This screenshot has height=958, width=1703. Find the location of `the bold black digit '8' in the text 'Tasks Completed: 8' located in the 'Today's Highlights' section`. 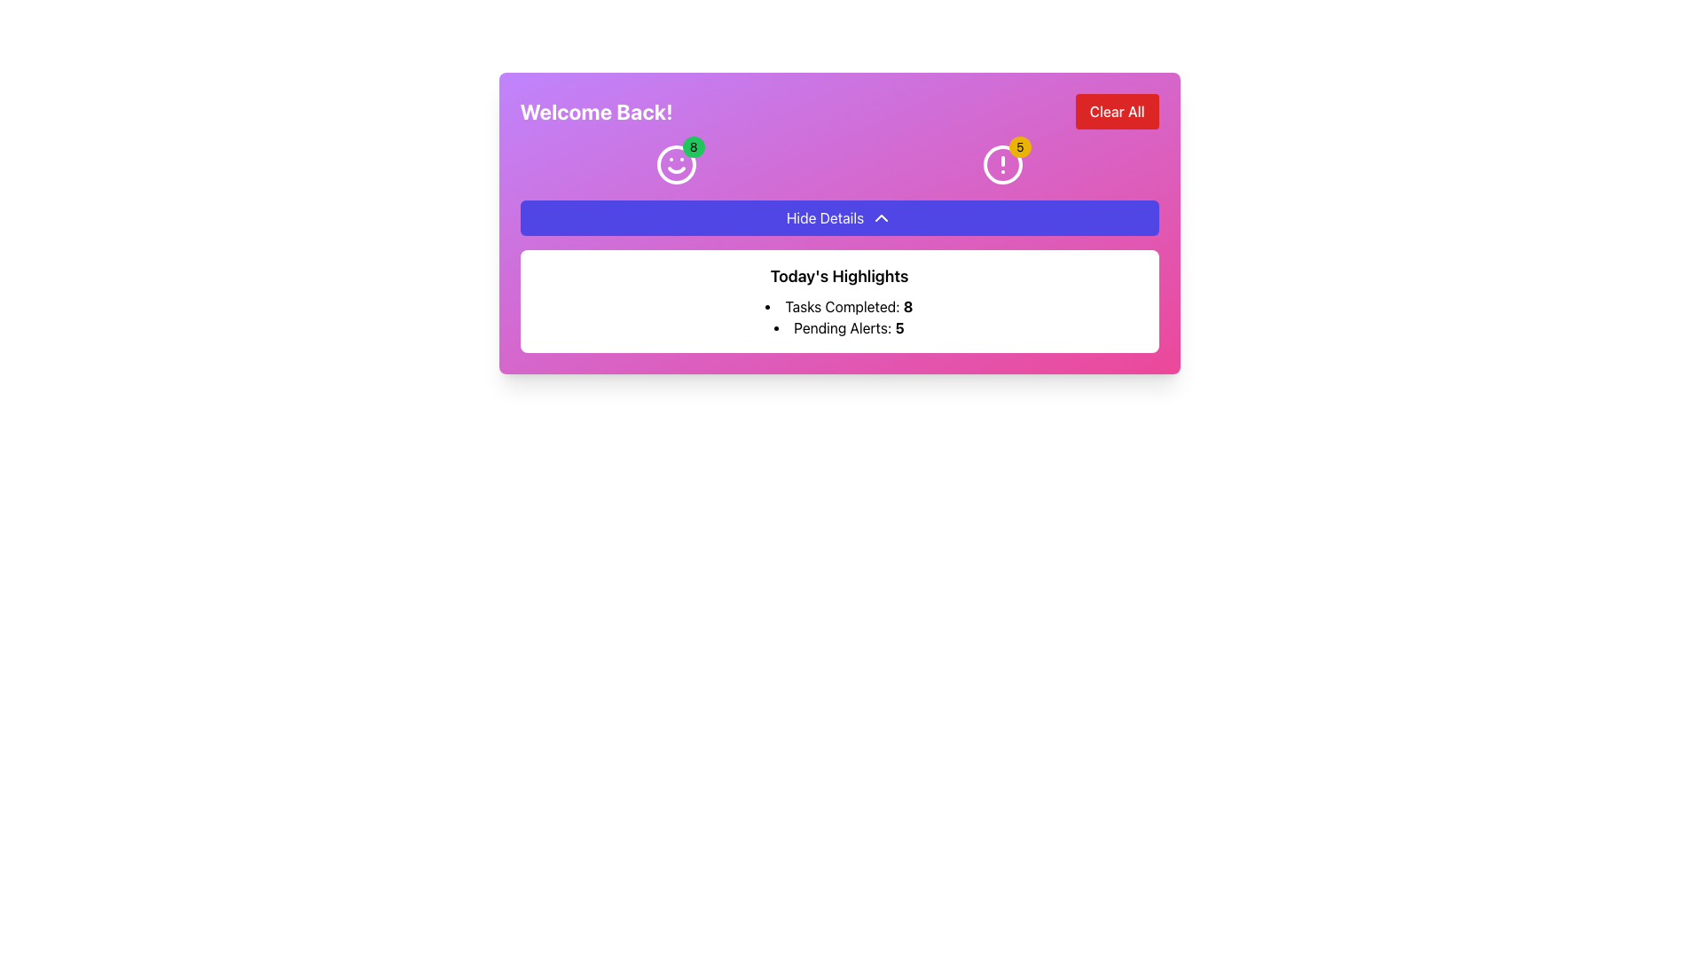

the bold black digit '8' in the text 'Tasks Completed: 8' located in the 'Today's Highlights' section is located at coordinates (908, 306).